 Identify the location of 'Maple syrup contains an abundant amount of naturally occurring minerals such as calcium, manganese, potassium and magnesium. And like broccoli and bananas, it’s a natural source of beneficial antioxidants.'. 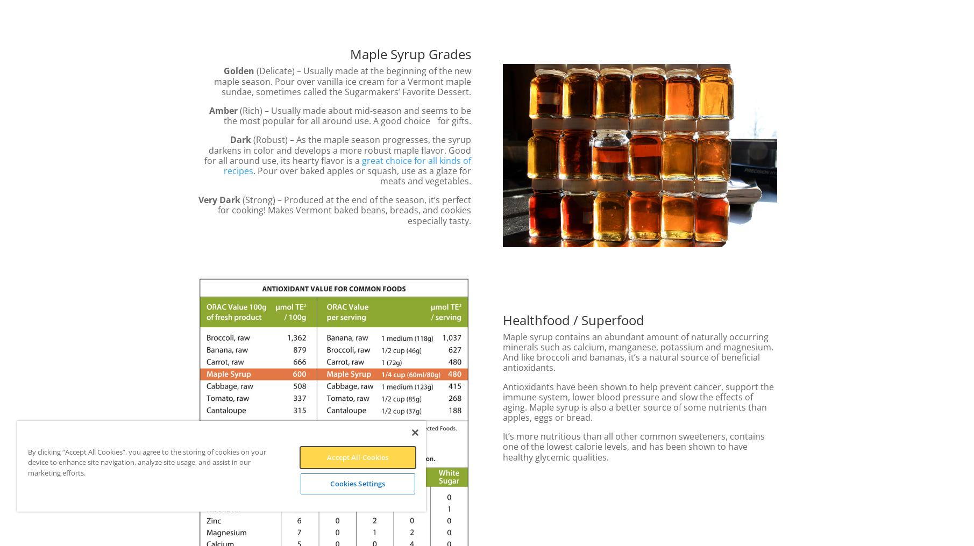
(637, 351).